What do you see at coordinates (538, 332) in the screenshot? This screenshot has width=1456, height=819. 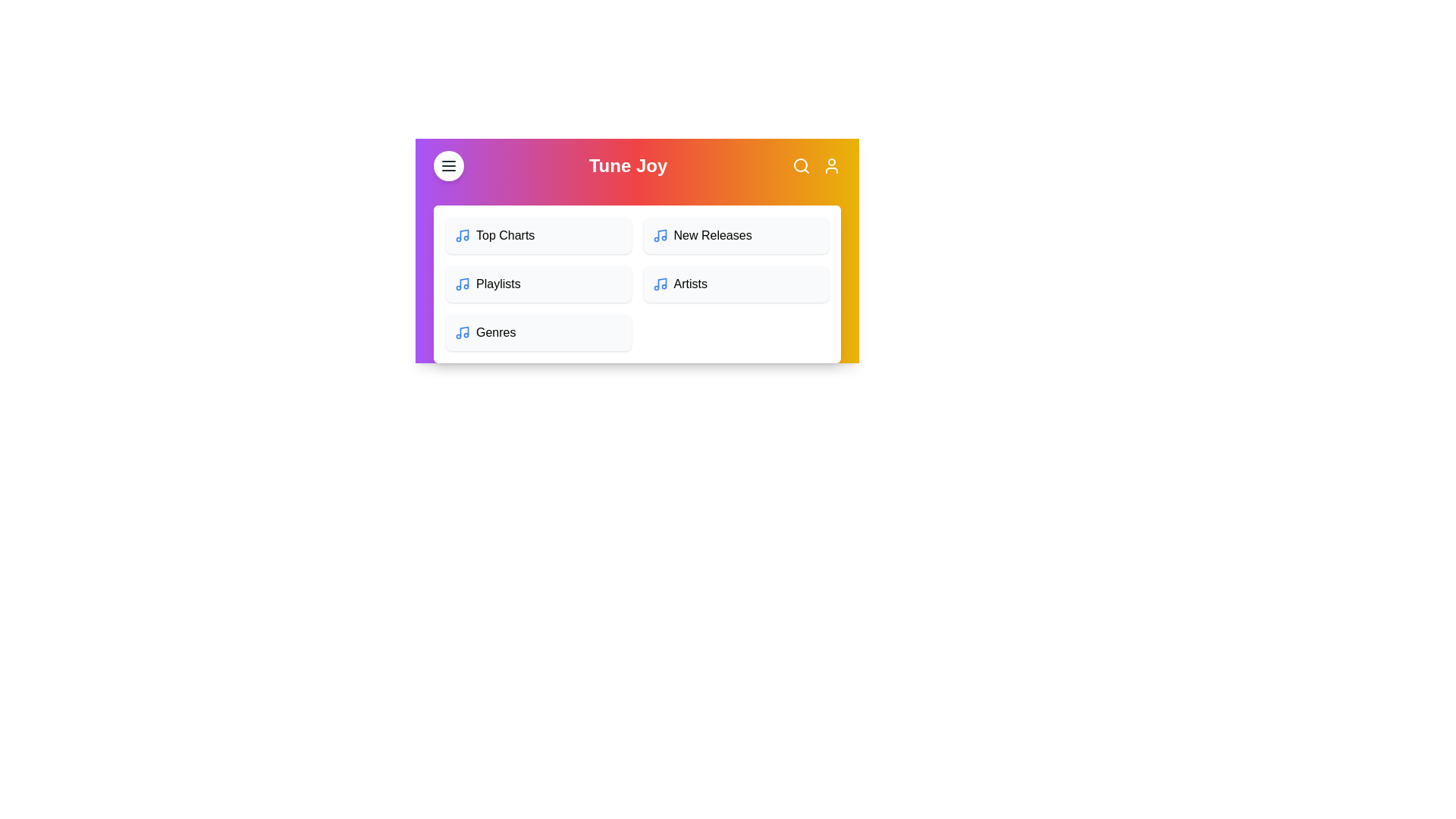 I see `the menu item Genres to navigate` at bounding box center [538, 332].